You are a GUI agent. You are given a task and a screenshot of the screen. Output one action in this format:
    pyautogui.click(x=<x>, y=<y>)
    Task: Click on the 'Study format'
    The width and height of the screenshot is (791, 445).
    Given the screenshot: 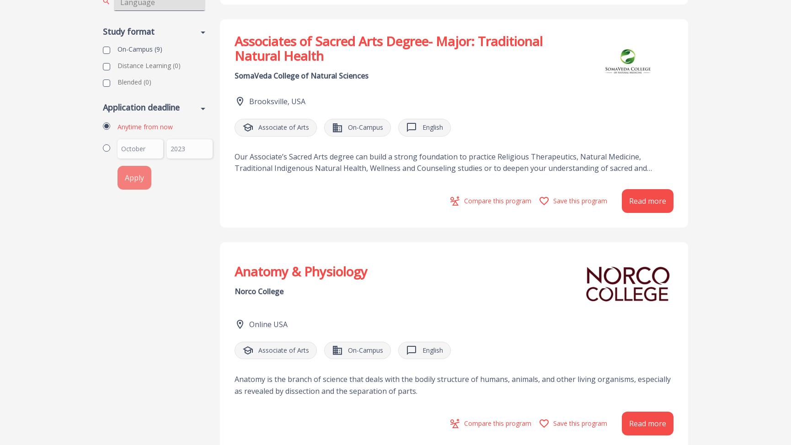 What is the action you would take?
    pyautogui.click(x=128, y=31)
    